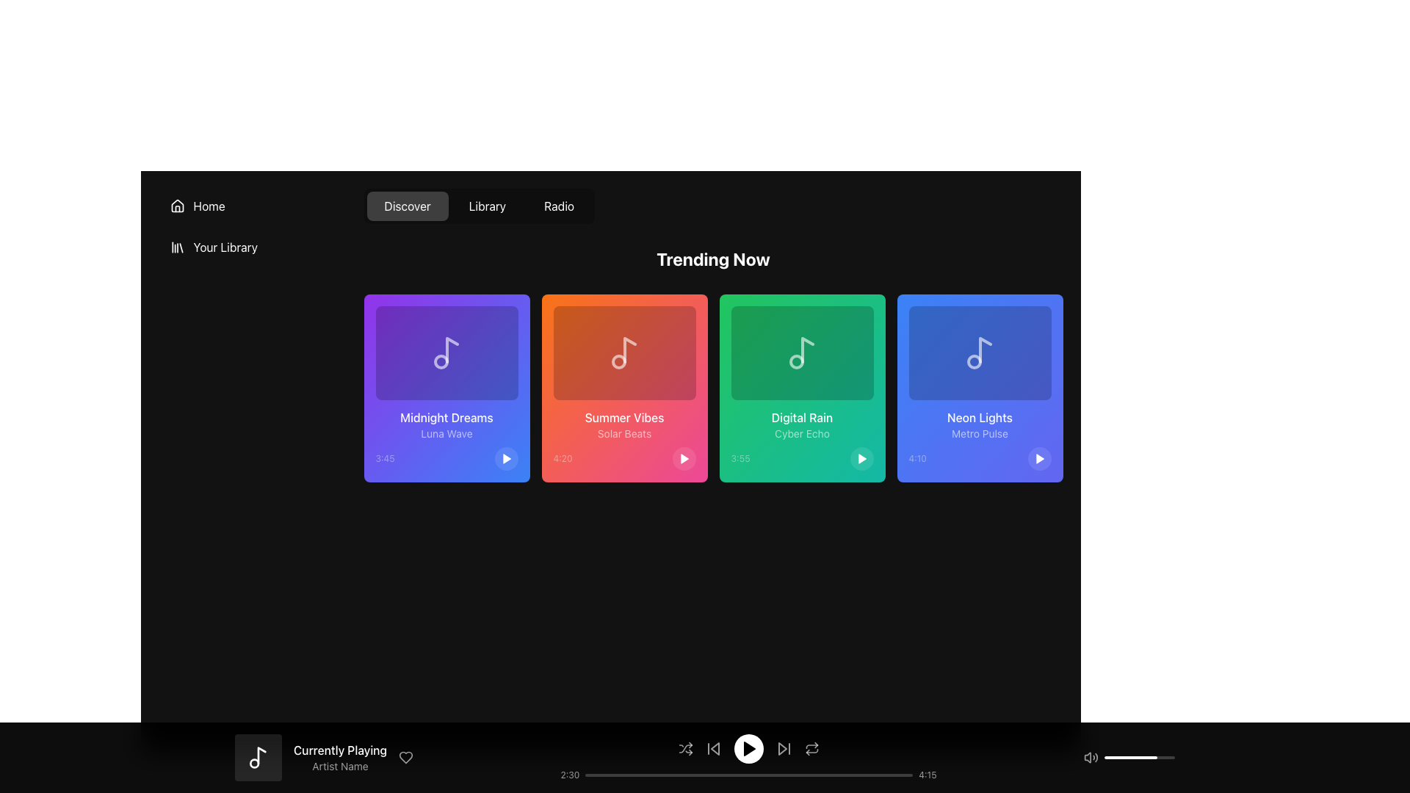  Describe the element at coordinates (1088, 758) in the screenshot. I see `the audio playback control icon resembling a small speaker` at that location.